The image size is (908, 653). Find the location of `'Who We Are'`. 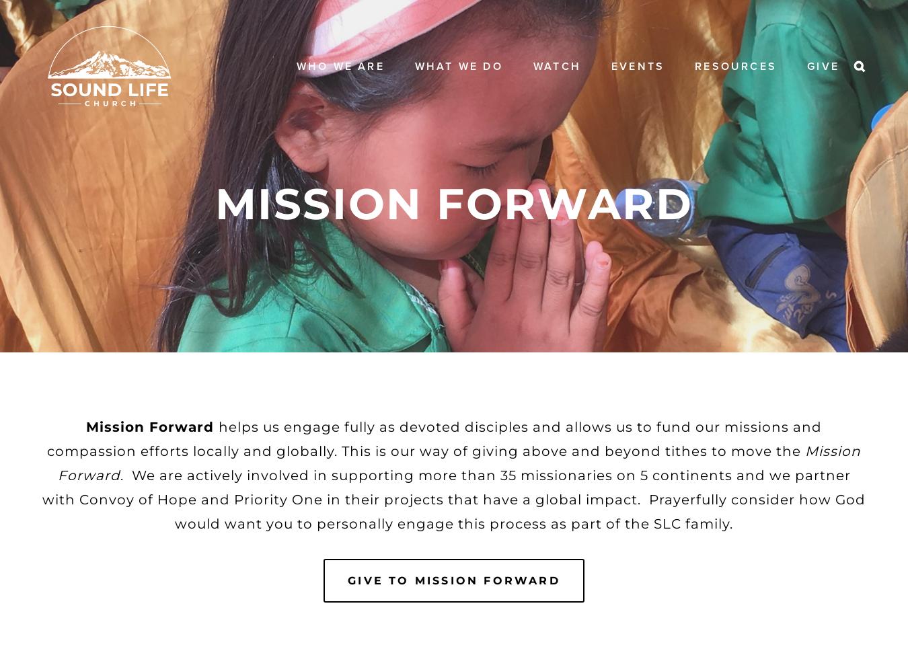

'Who We Are' is located at coordinates (339, 65).